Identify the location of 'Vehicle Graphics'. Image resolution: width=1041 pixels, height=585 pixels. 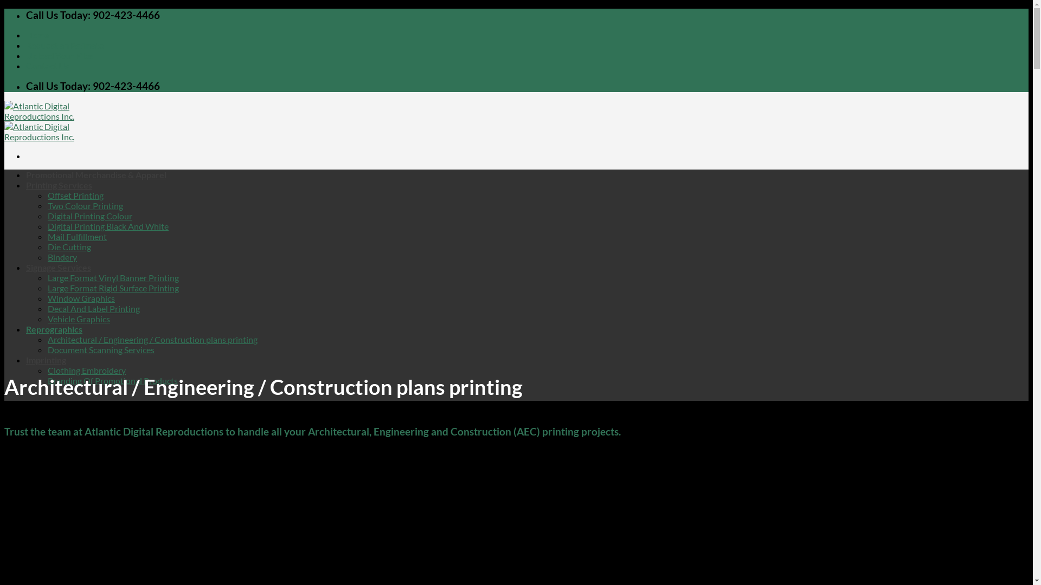
(78, 318).